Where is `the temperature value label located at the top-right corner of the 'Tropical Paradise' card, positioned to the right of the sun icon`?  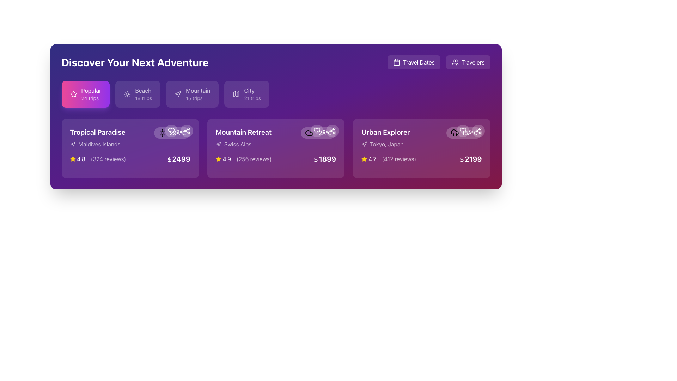
the temperature value label located at the top-right corner of the 'Tropical Paradise' card, positioned to the right of the sun icon is located at coordinates (178, 133).